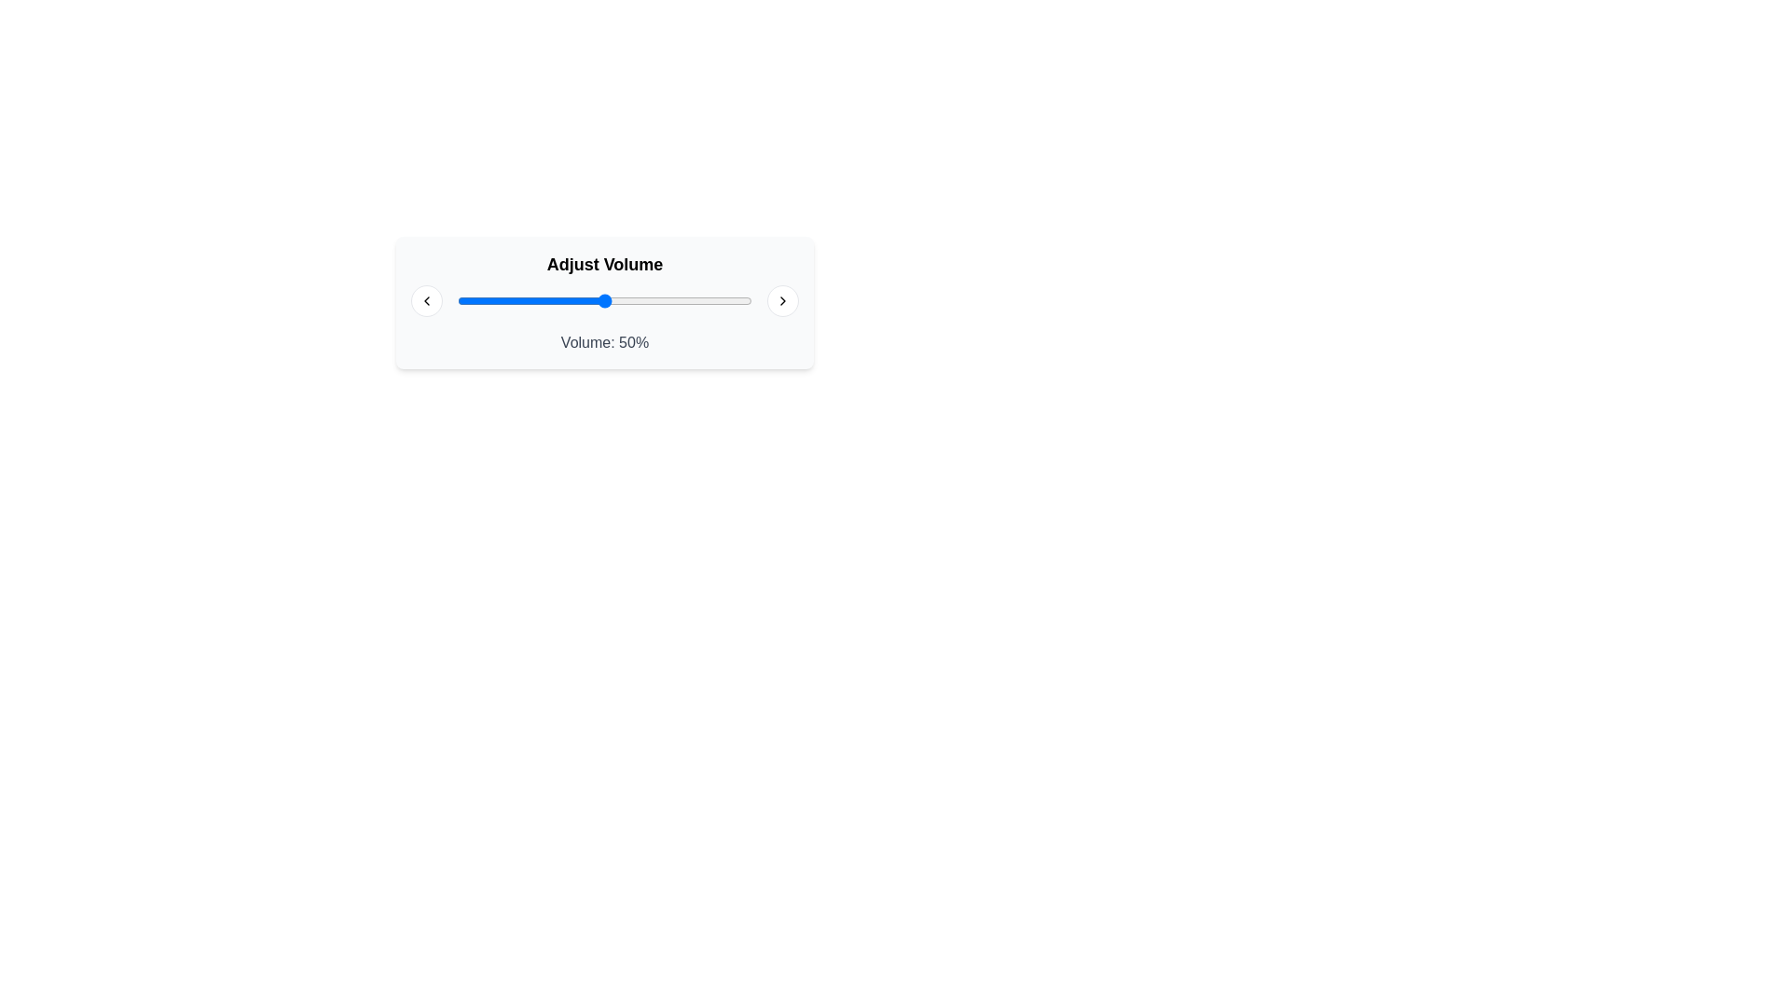 The height and width of the screenshot is (1007, 1790). What do you see at coordinates (681, 300) in the screenshot?
I see `the slider` at bounding box center [681, 300].